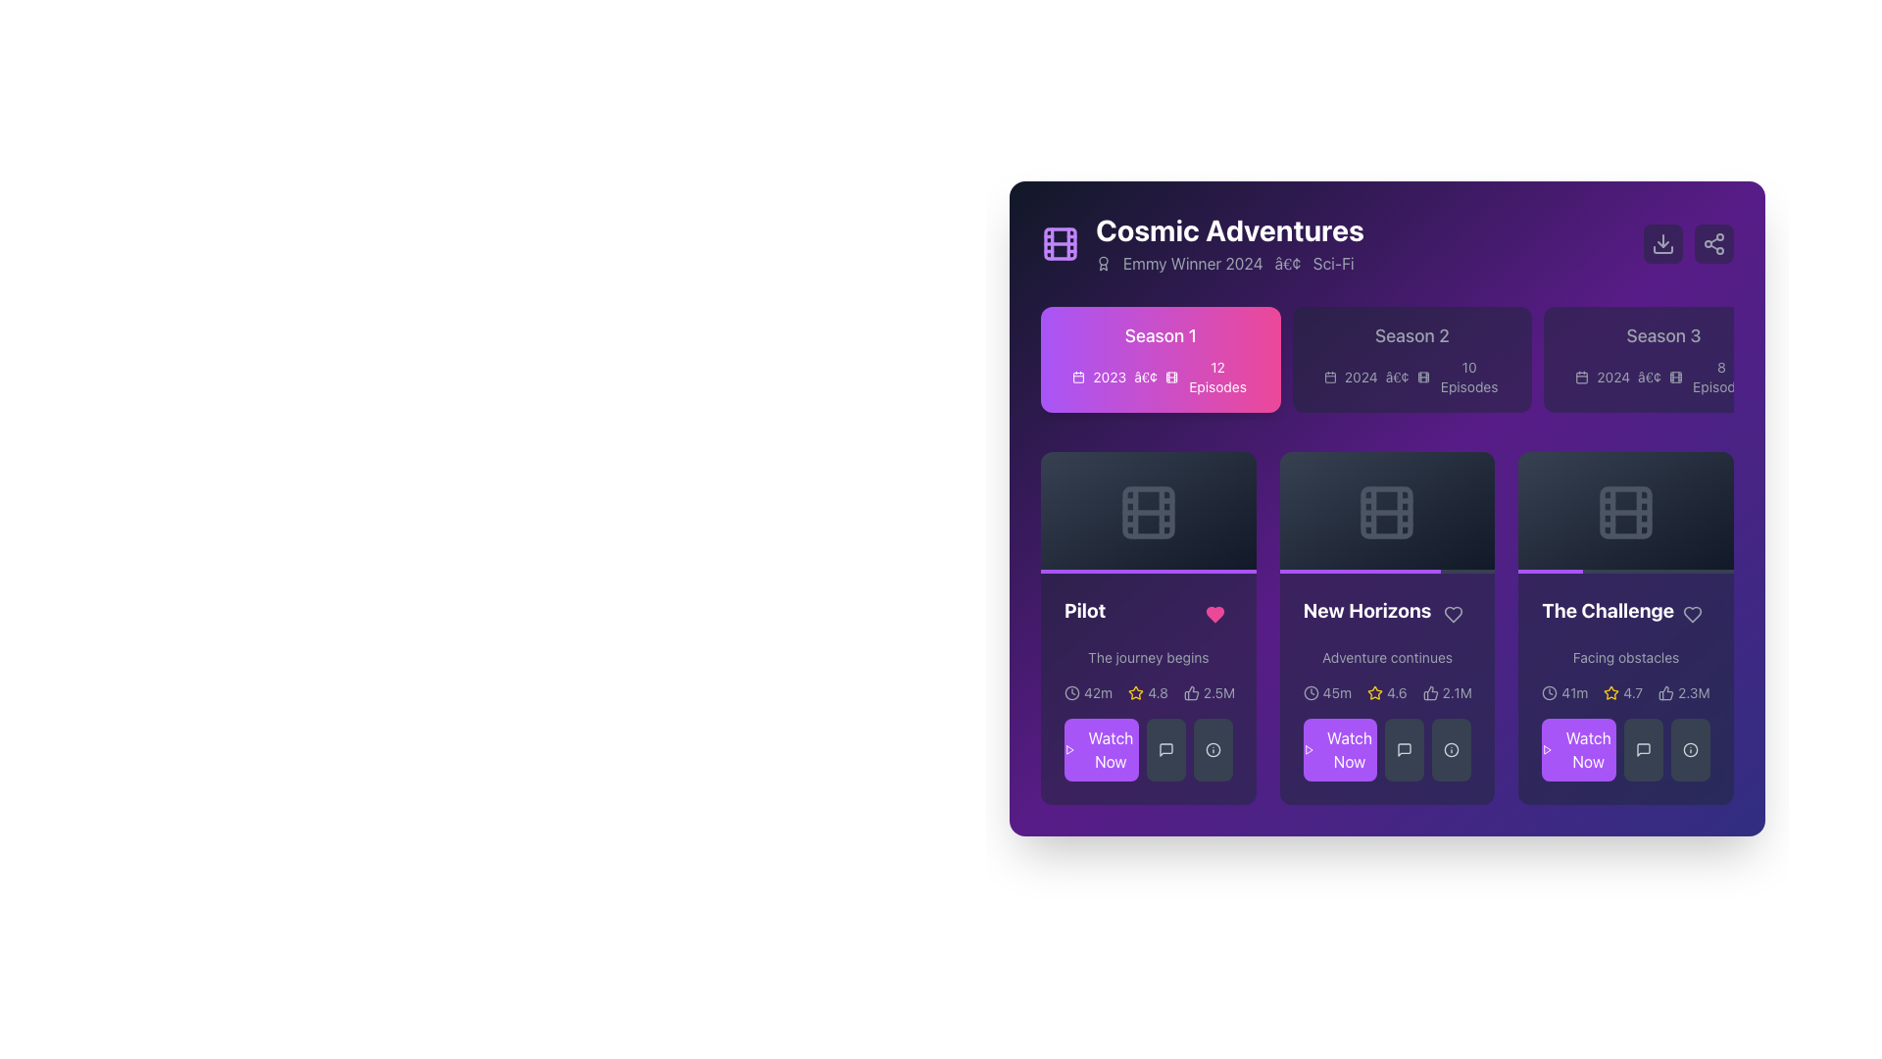 The height and width of the screenshot is (1059, 1882). I want to click on the Text Label that serves as the title of the episode, located below the thumbnail image of the second episode, so click(1386, 613).